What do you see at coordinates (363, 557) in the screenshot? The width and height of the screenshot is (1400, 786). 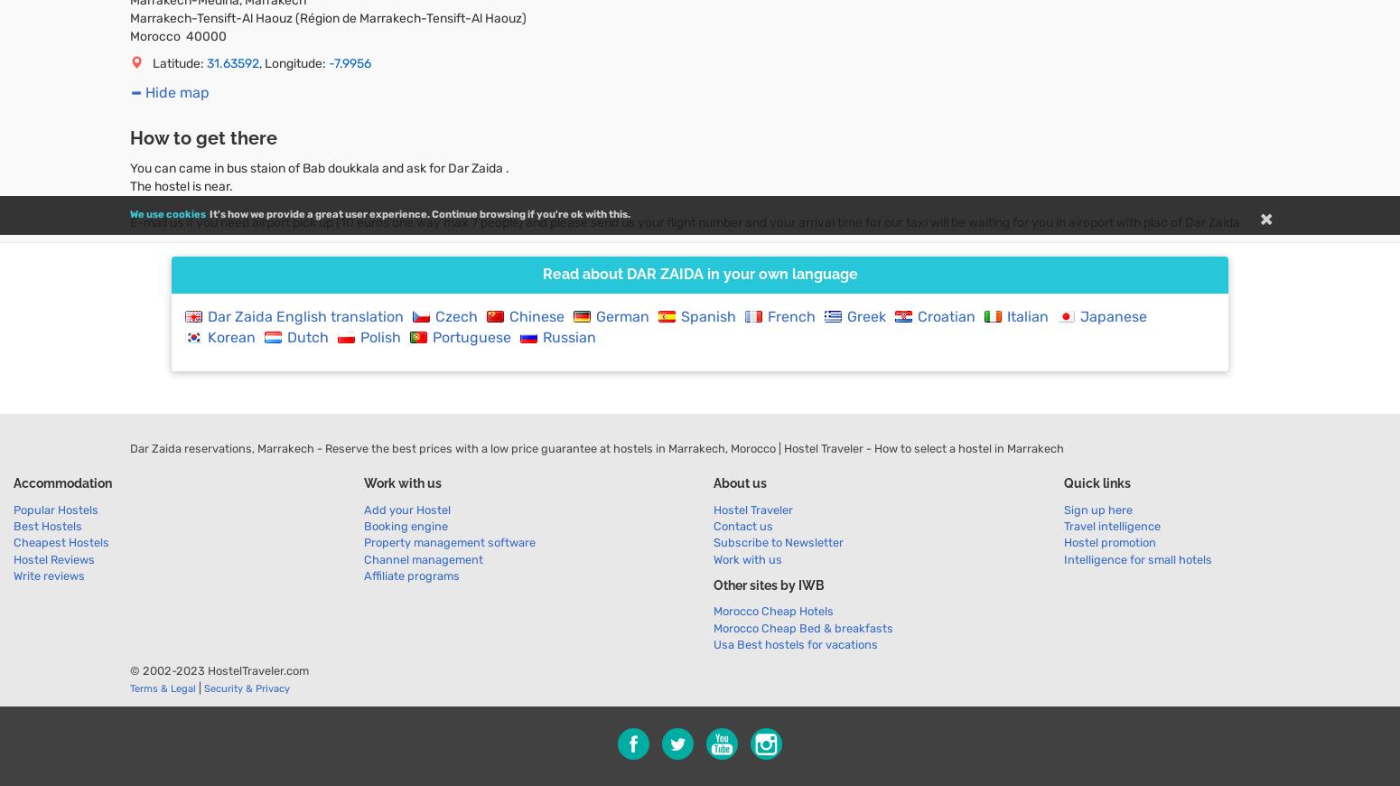 I see `'Channel management'` at bounding box center [363, 557].